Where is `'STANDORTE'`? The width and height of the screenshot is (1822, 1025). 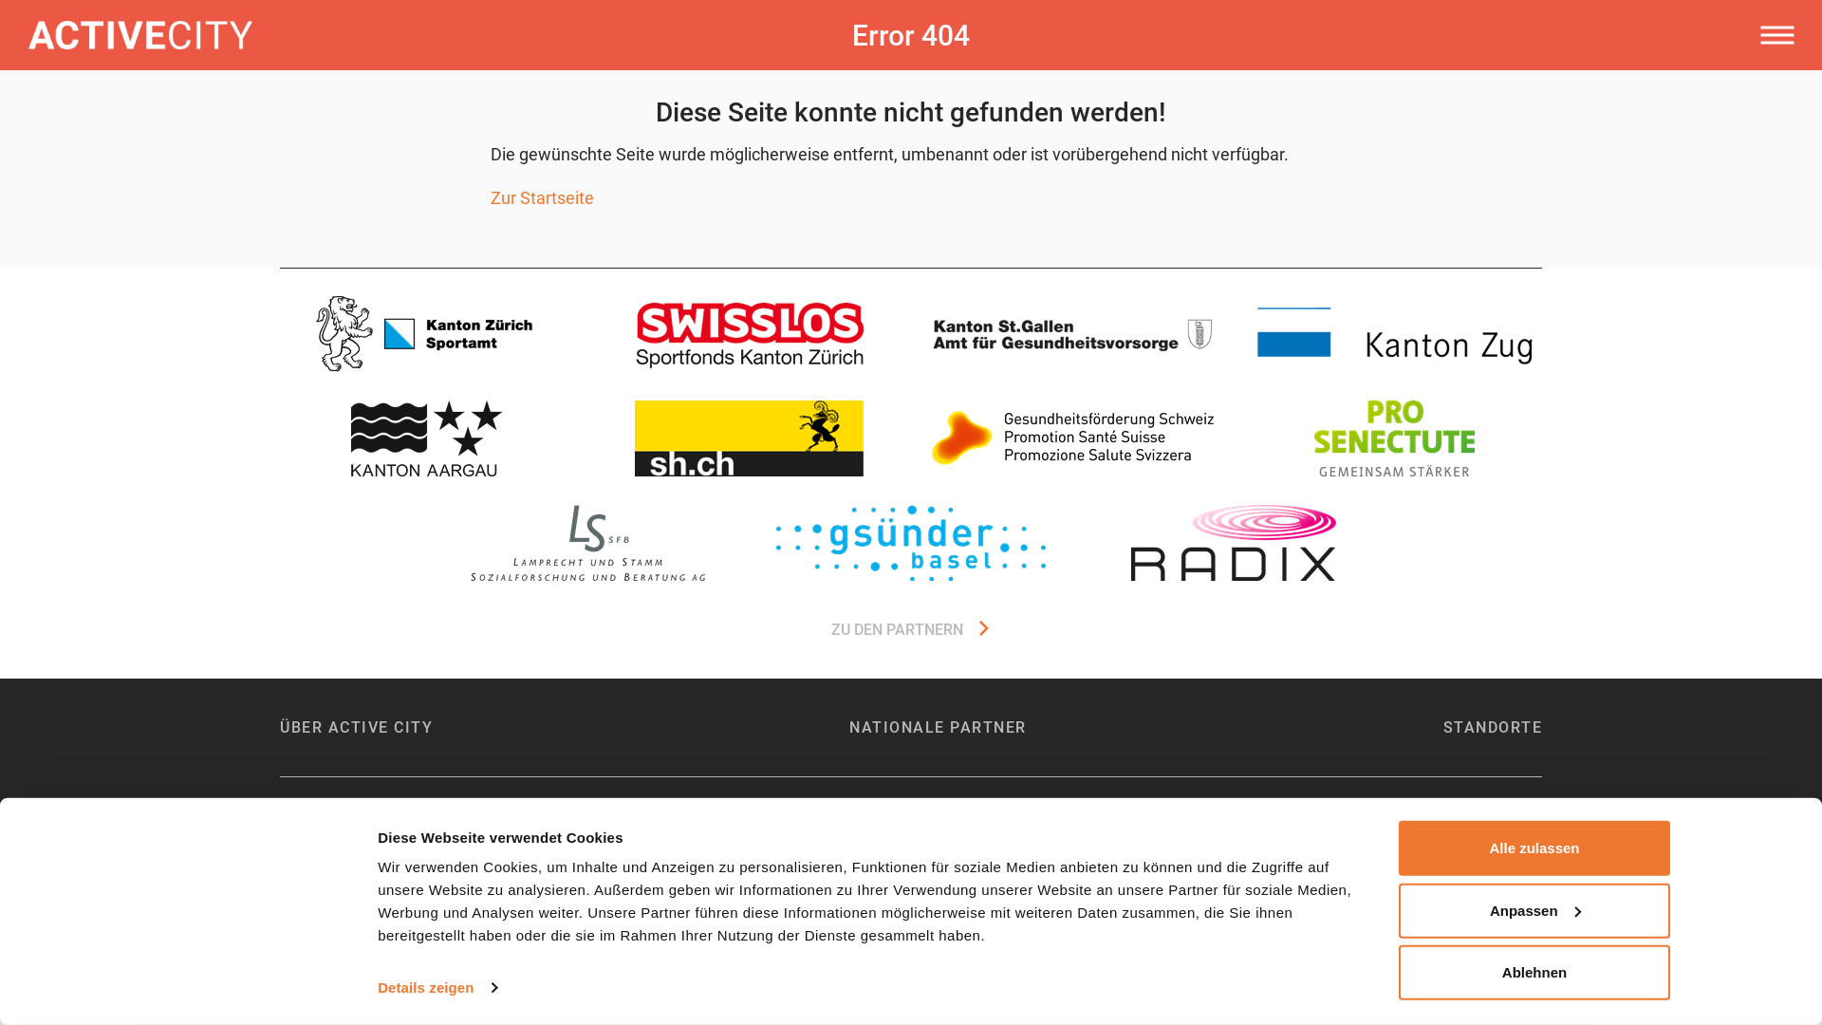 'STANDORTE' is located at coordinates (1491, 726).